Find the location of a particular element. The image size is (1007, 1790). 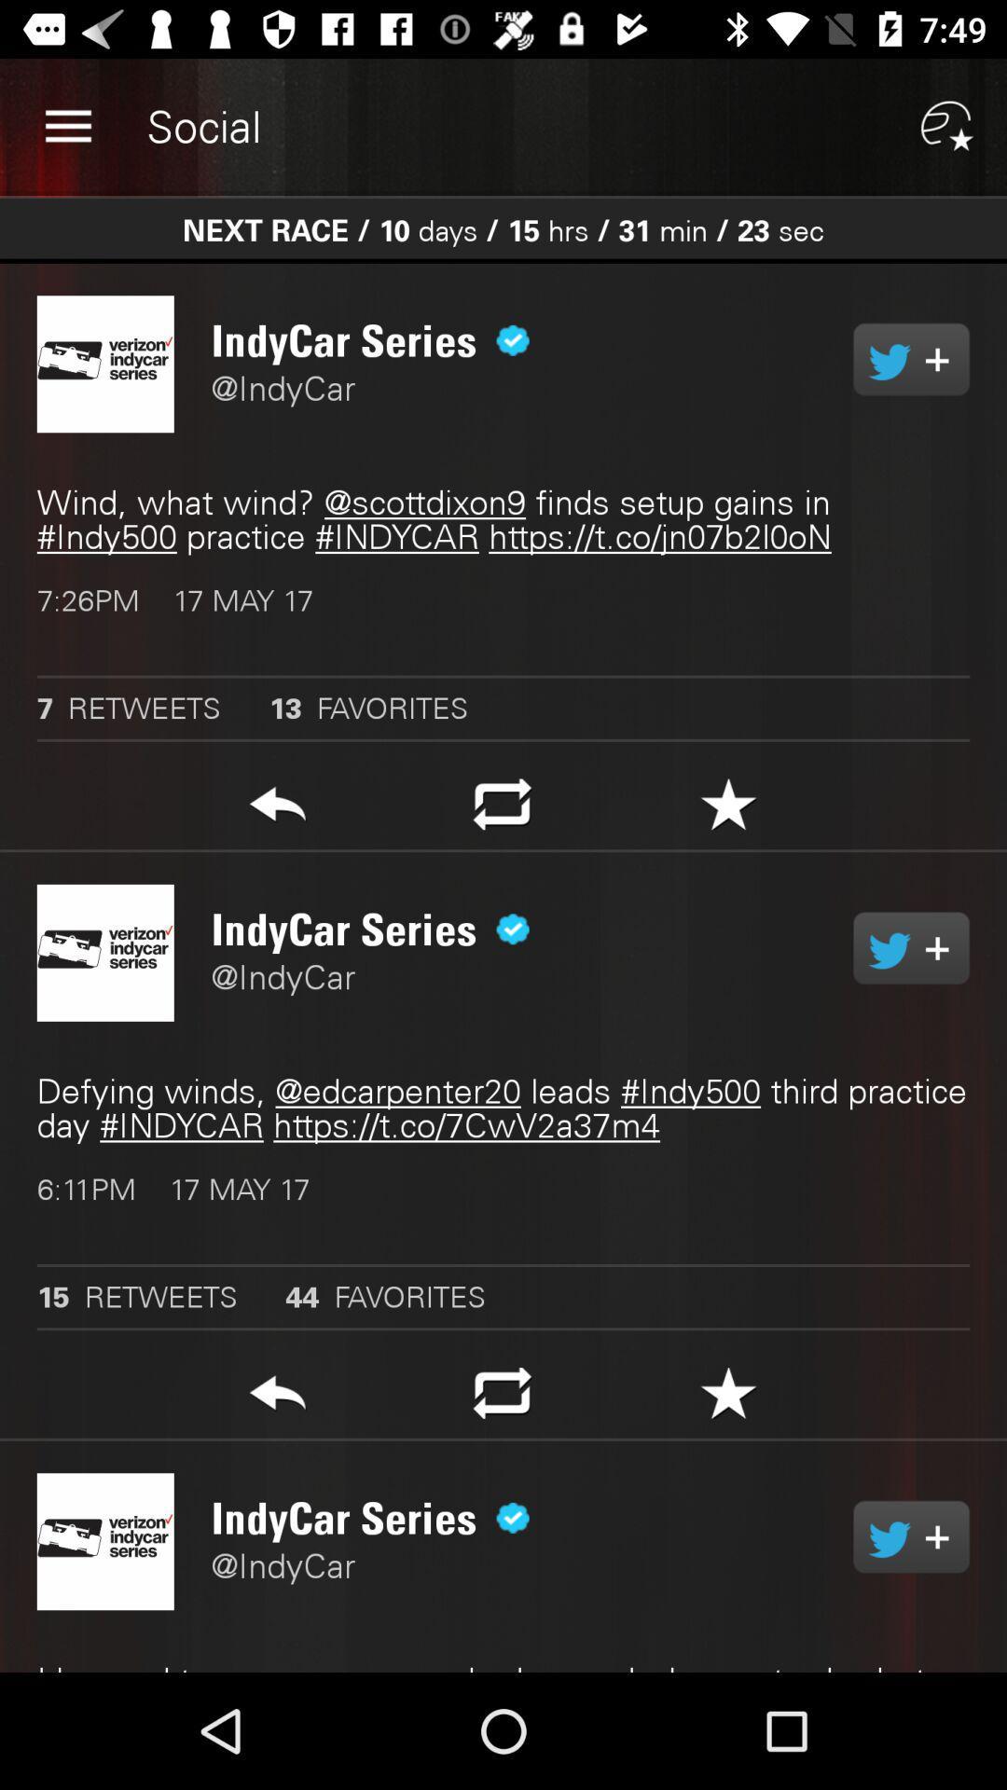

post is located at coordinates (727, 809).